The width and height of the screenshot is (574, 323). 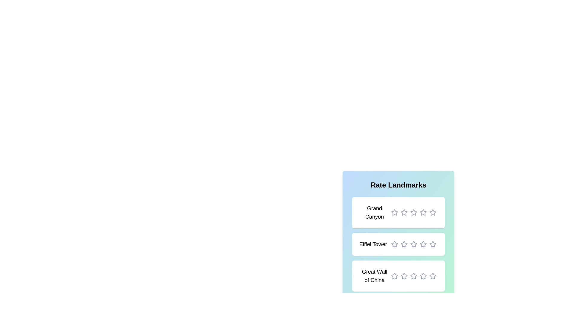 I want to click on the text of Great Wall of China to select it, so click(x=374, y=276).